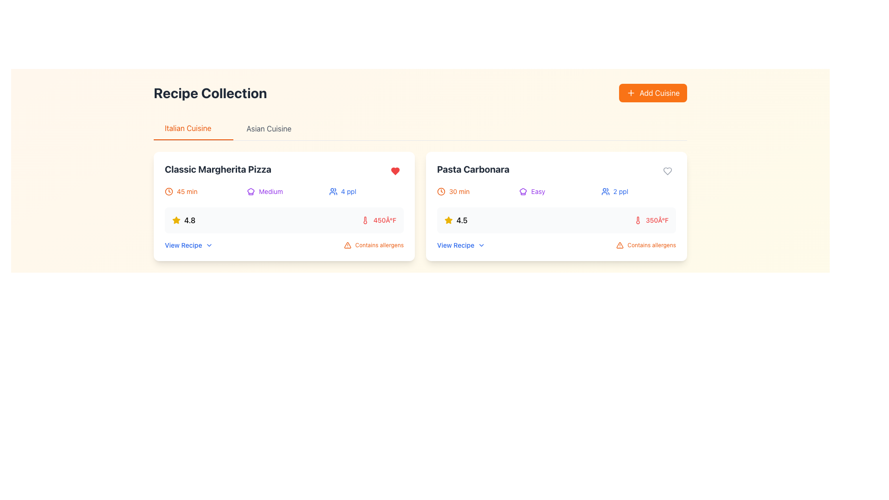 The width and height of the screenshot is (889, 500). What do you see at coordinates (188, 244) in the screenshot?
I see `the 'View Recipe' button` at bounding box center [188, 244].